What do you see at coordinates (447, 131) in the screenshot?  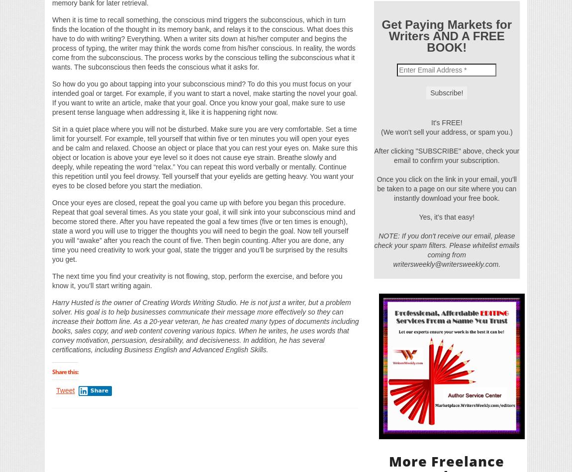 I see `'(We won't sell your address, or spam you.)'` at bounding box center [447, 131].